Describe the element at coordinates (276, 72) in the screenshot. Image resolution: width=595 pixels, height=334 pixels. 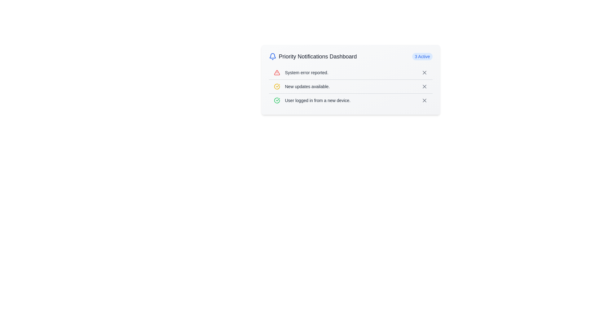
I see `the alert icon located at the far left of the first row in the notification list, which indicates a critical error and is positioned before the text 'System error reported.'` at that location.